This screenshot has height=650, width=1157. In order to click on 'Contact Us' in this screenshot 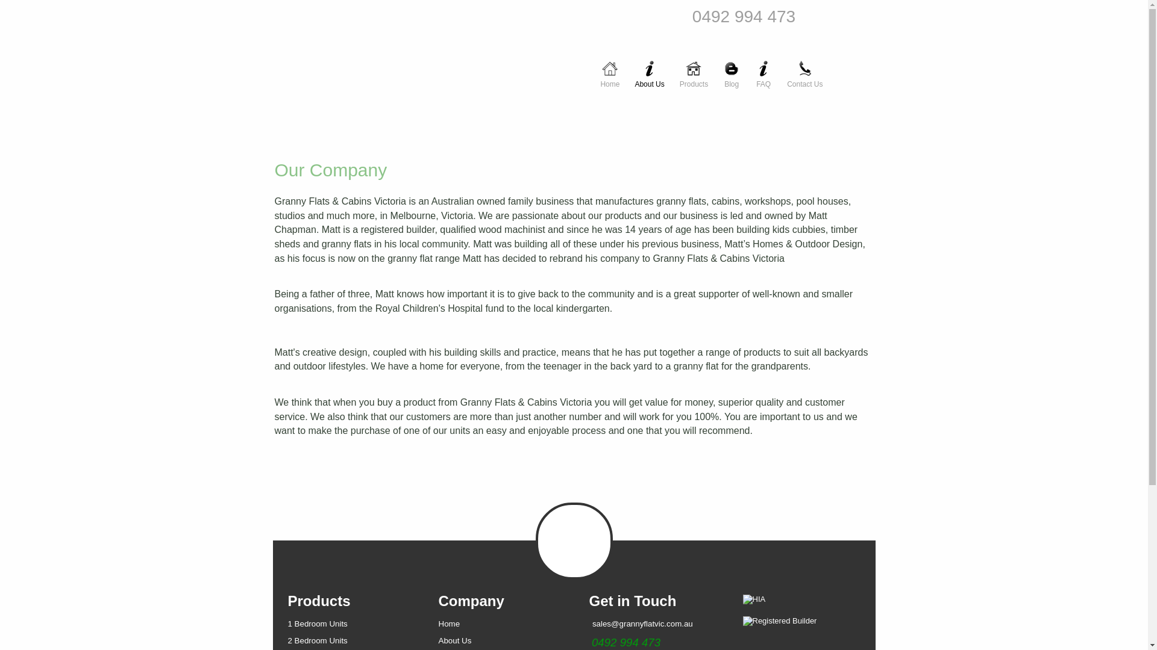, I will do `click(804, 67)`.